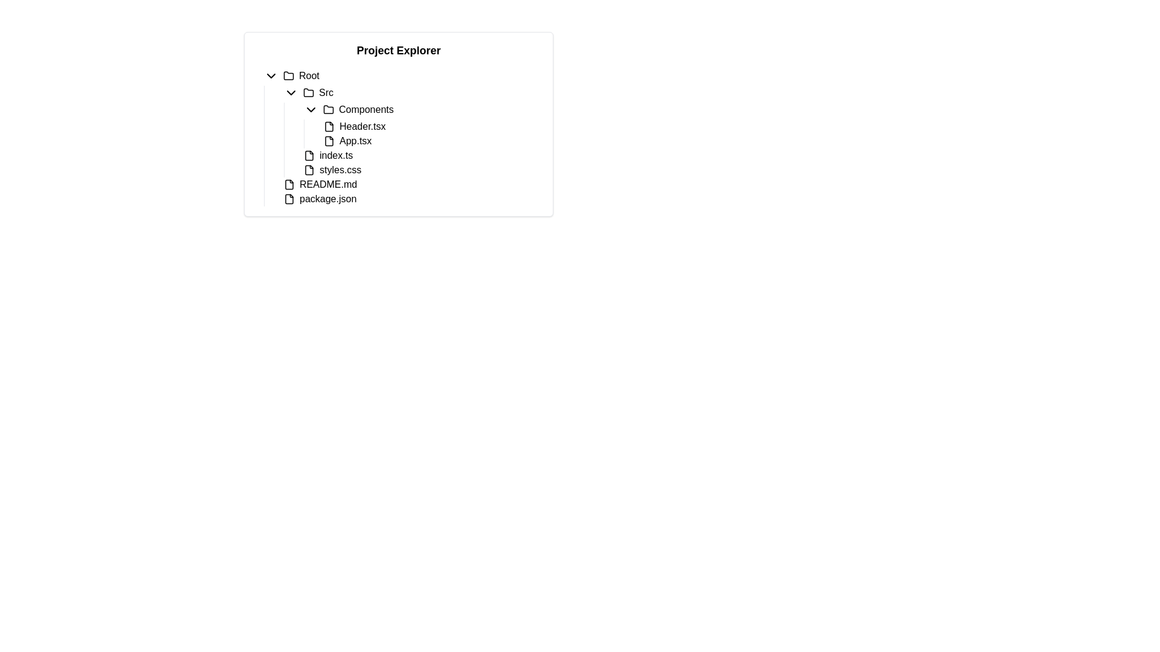 The height and width of the screenshot is (652, 1160). I want to click on the root folder of the project in the collapsible tree view, so click(403, 76).